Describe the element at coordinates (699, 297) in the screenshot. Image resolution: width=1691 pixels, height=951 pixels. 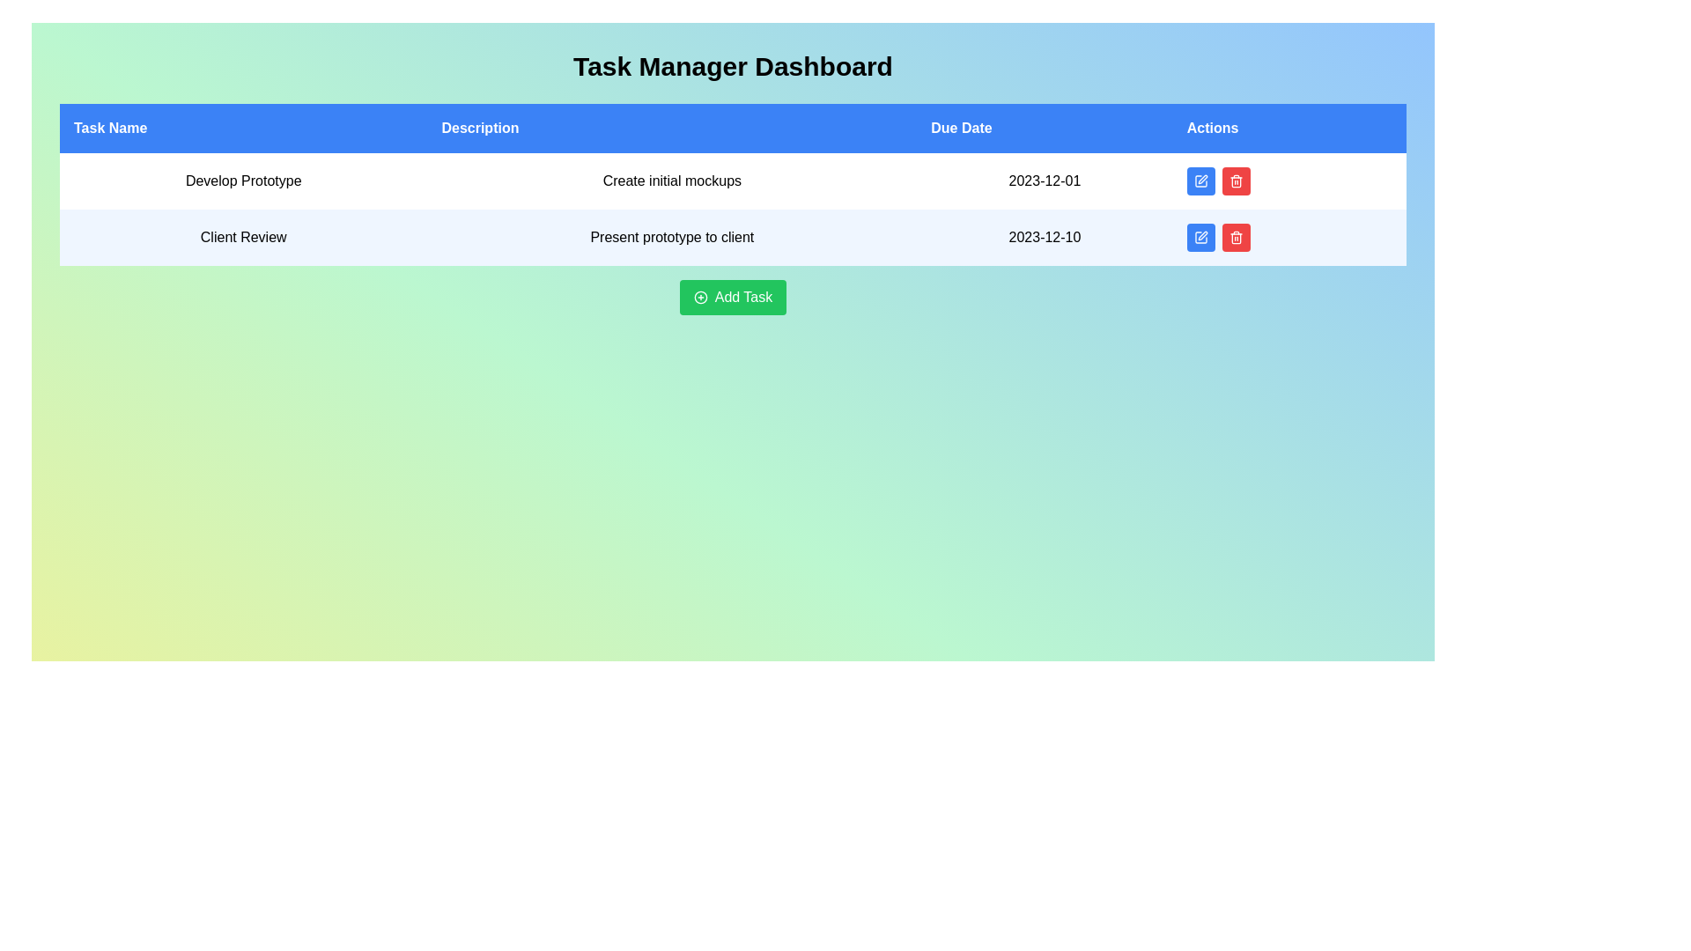
I see `the circular '+' icon inside the 'Add Task' button, which is styled with green and white colors` at that location.